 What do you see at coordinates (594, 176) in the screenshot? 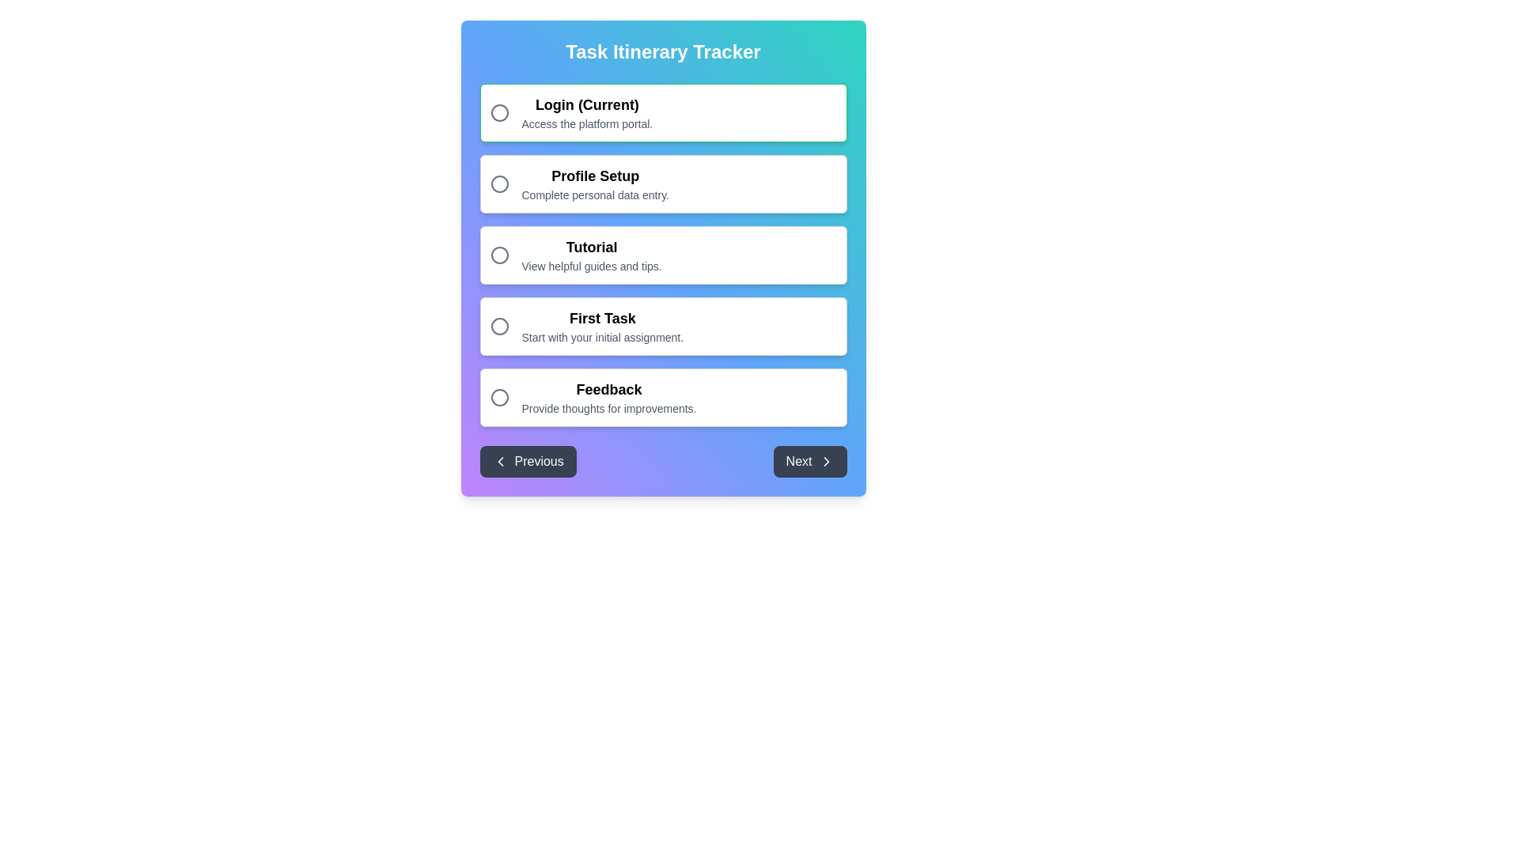
I see `the text heading 'Profile Setup', which is styled in bold and larger font, positioned centrally within a card-like UI below 'Login (Current)' and above 'Tutorial'` at bounding box center [594, 176].